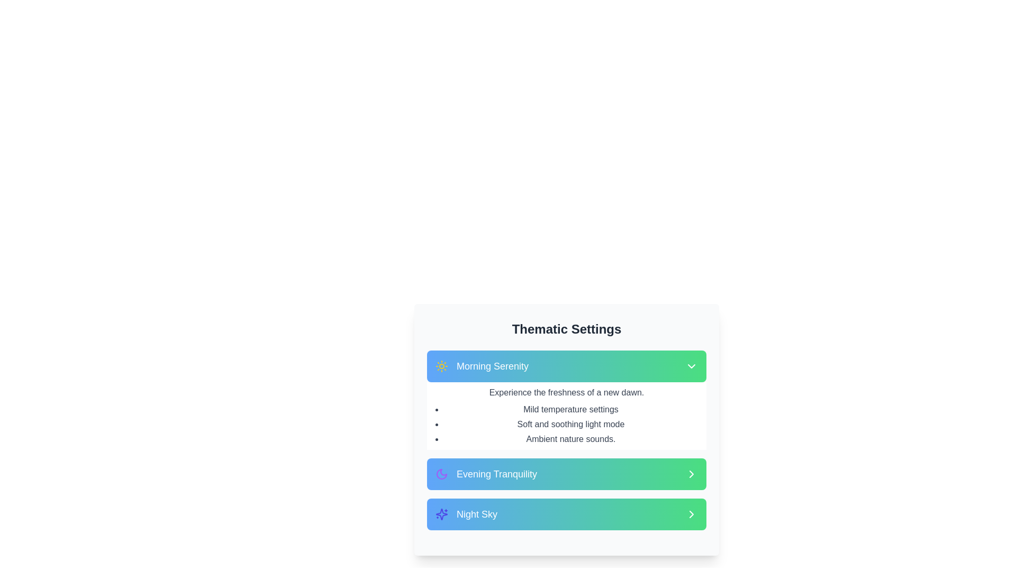 The image size is (1016, 571). What do you see at coordinates (566, 366) in the screenshot?
I see `the 'Morning Serenity' dropdown trigger` at bounding box center [566, 366].